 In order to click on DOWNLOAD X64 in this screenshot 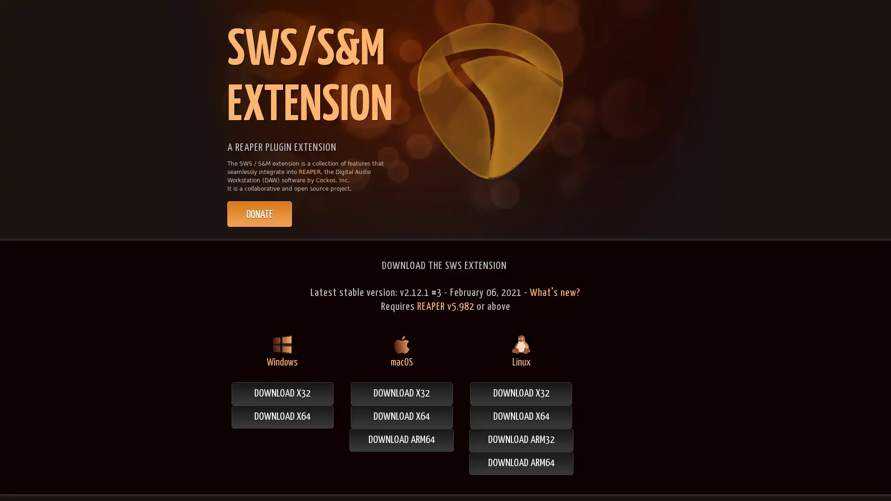, I will do `click(445, 416)`.